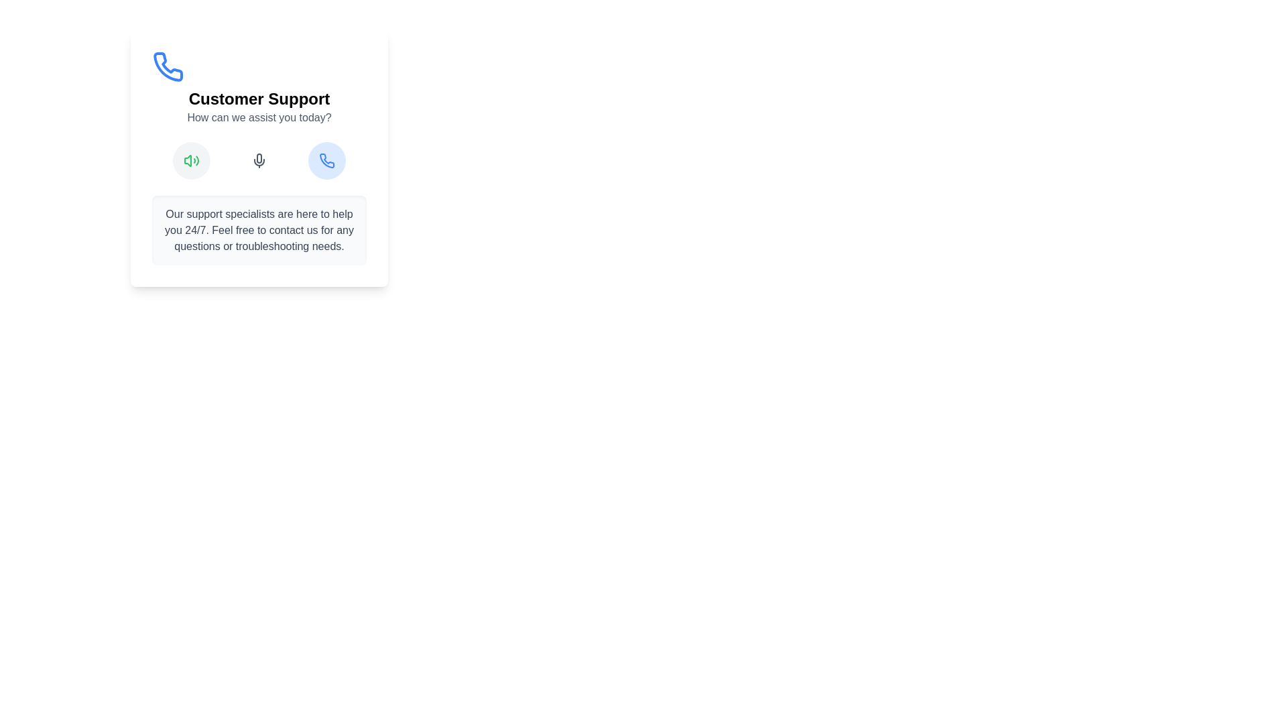 This screenshot has height=724, width=1287. What do you see at coordinates (168, 66) in the screenshot?
I see `the blue telephone receiver icon within the circular button to initiate a call or access telephonic support` at bounding box center [168, 66].